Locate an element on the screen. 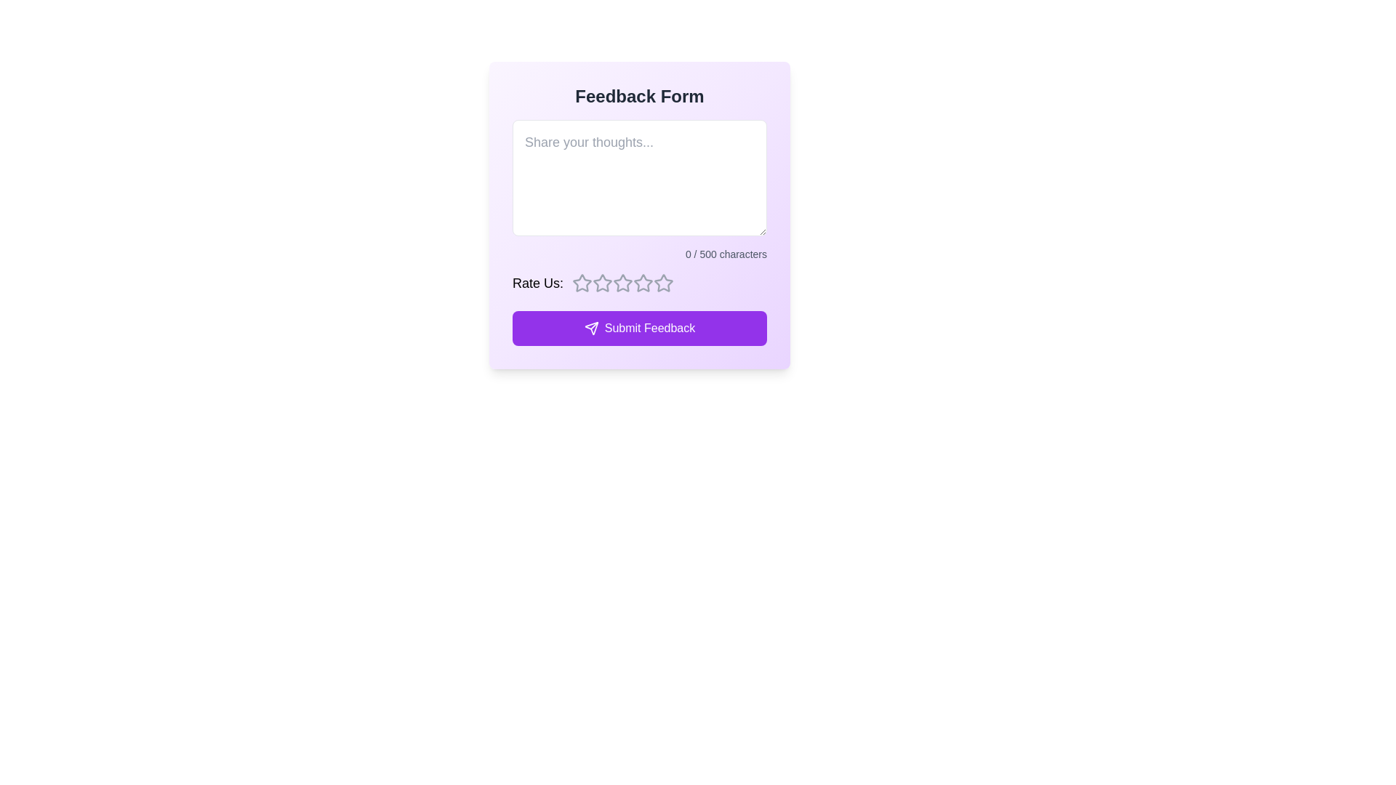  the third star icon in the horizontal row of five stars used for rating feedback, located below the feedback text box and above the submission button is located at coordinates (603, 283).